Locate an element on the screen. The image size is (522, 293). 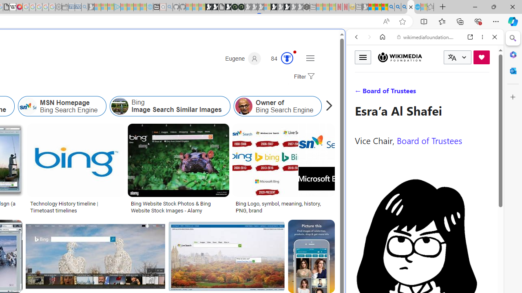
'Frequently visited' is located at coordinates (170, 108).